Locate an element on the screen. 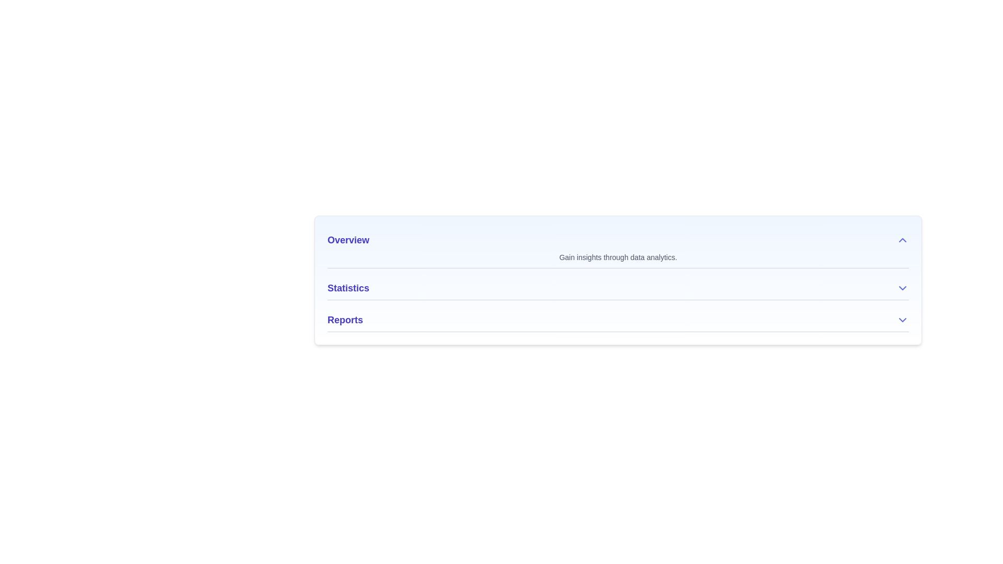 The height and width of the screenshot is (564, 1003). the 'Reports' Collapsible Section Header using keyboard inputs is located at coordinates (618, 320).